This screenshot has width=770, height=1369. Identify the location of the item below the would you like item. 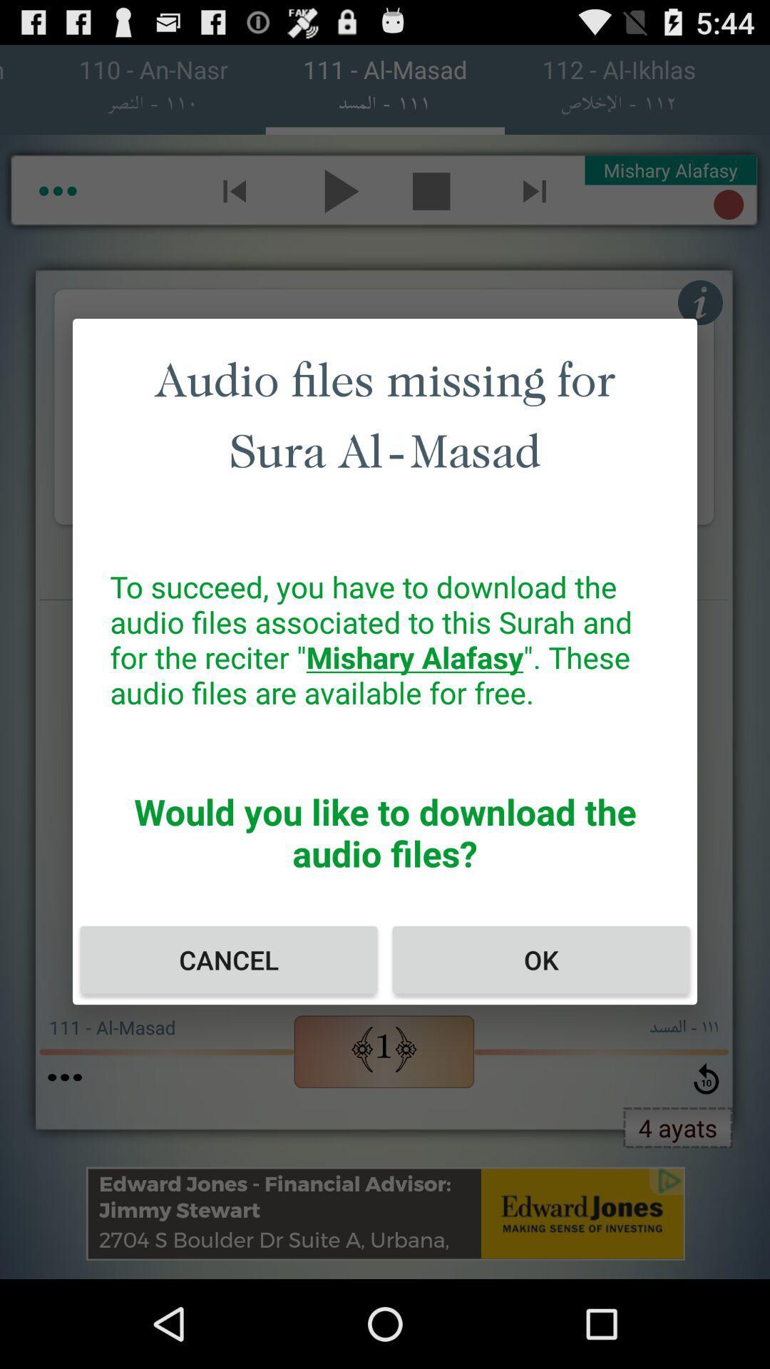
(541, 960).